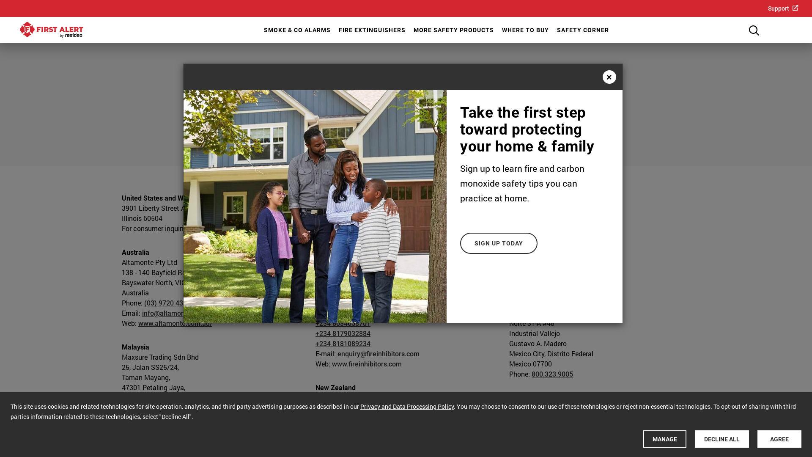 The height and width of the screenshot is (457, 812). What do you see at coordinates (176, 417) in the screenshot?
I see `'www.locksnmore.com.my'` at bounding box center [176, 417].